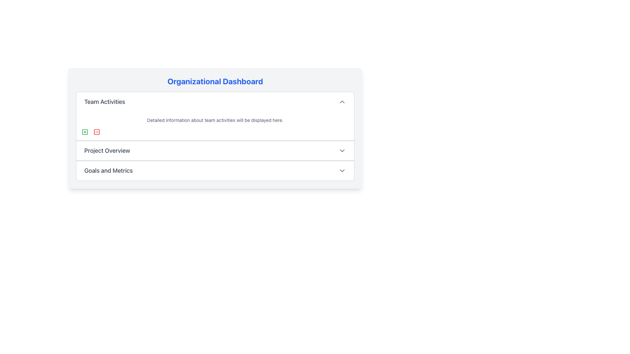 This screenshot has width=630, height=354. What do you see at coordinates (215, 120) in the screenshot?
I see `the text element displaying 'Detailed information about team activities will be displayed here.', which is styled in light gray and located beneath the heading 'Team Activities'` at bounding box center [215, 120].